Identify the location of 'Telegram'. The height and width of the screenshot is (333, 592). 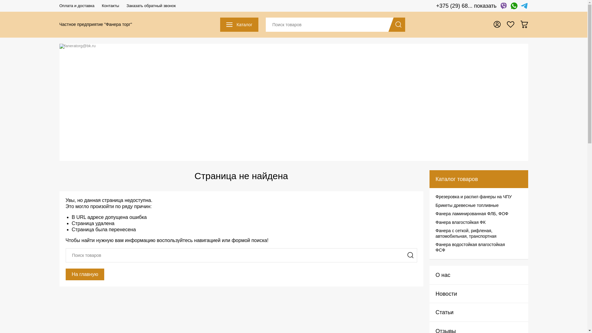
(524, 6).